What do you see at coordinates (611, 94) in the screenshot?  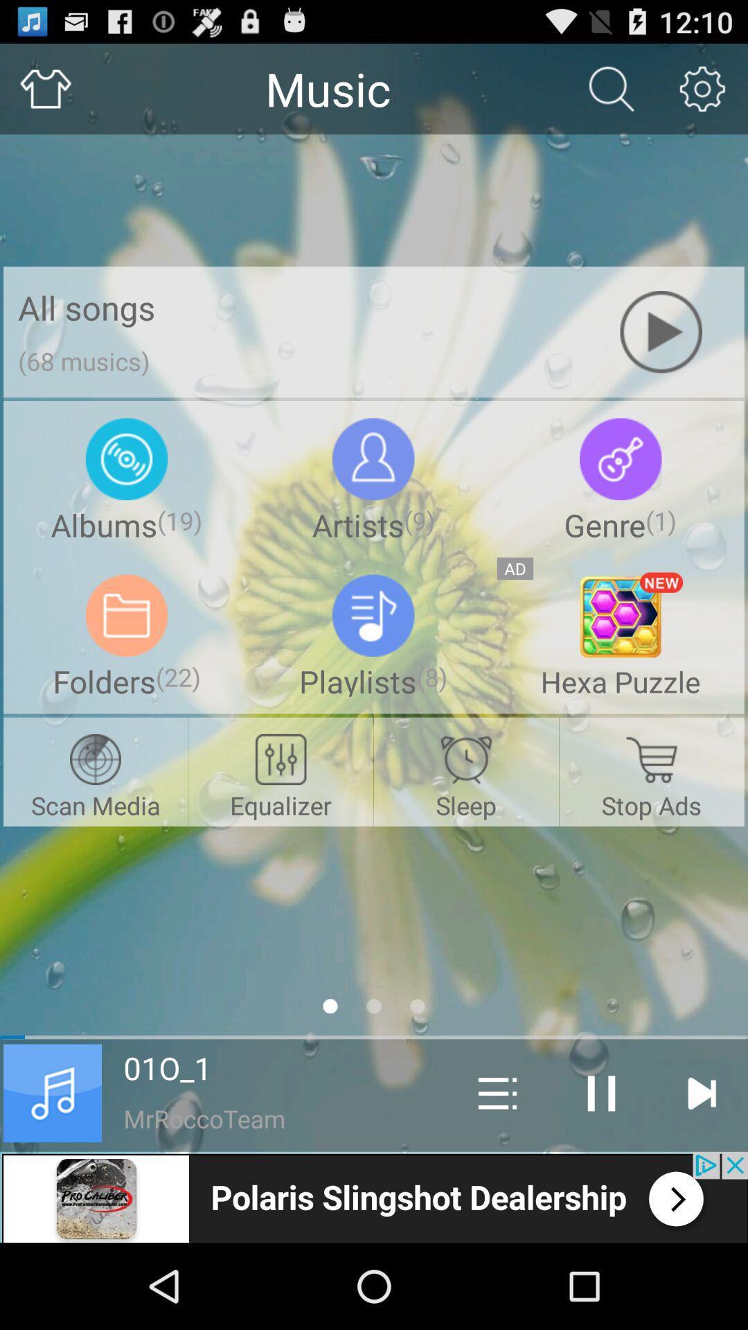 I see `the search icon` at bounding box center [611, 94].